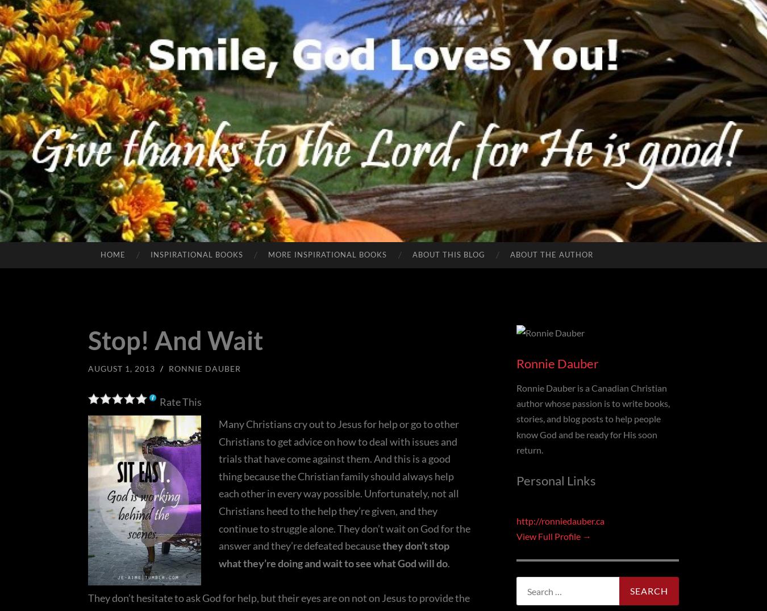  I want to click on 'Personal Links', so click(515, 480).